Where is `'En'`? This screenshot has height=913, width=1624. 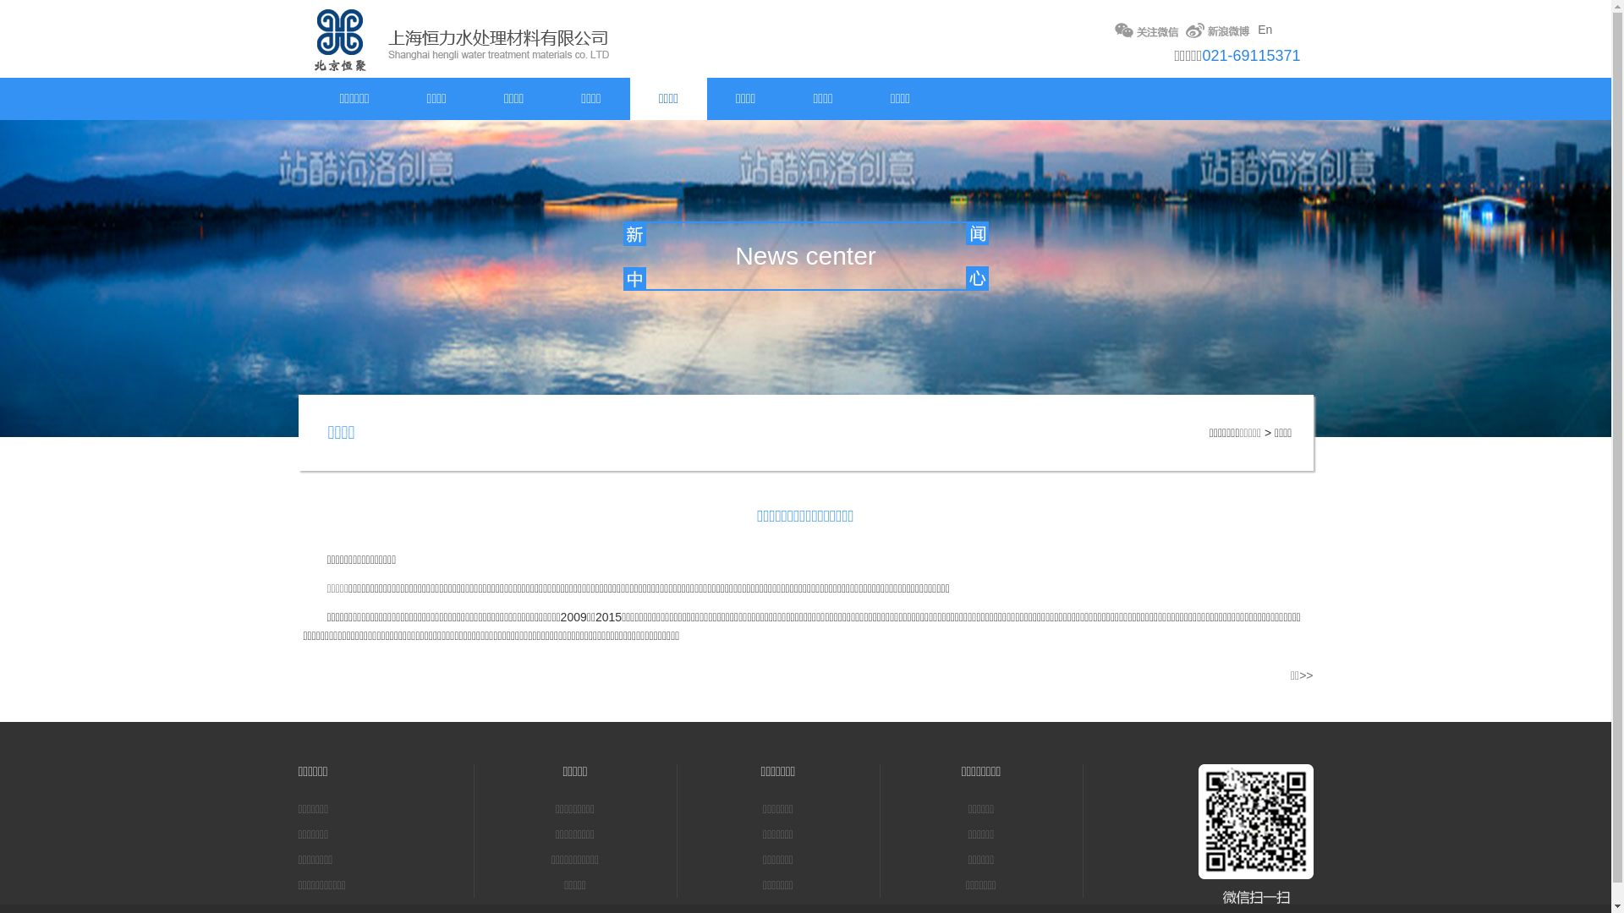 'En' is located at coordinates (1266, 29).